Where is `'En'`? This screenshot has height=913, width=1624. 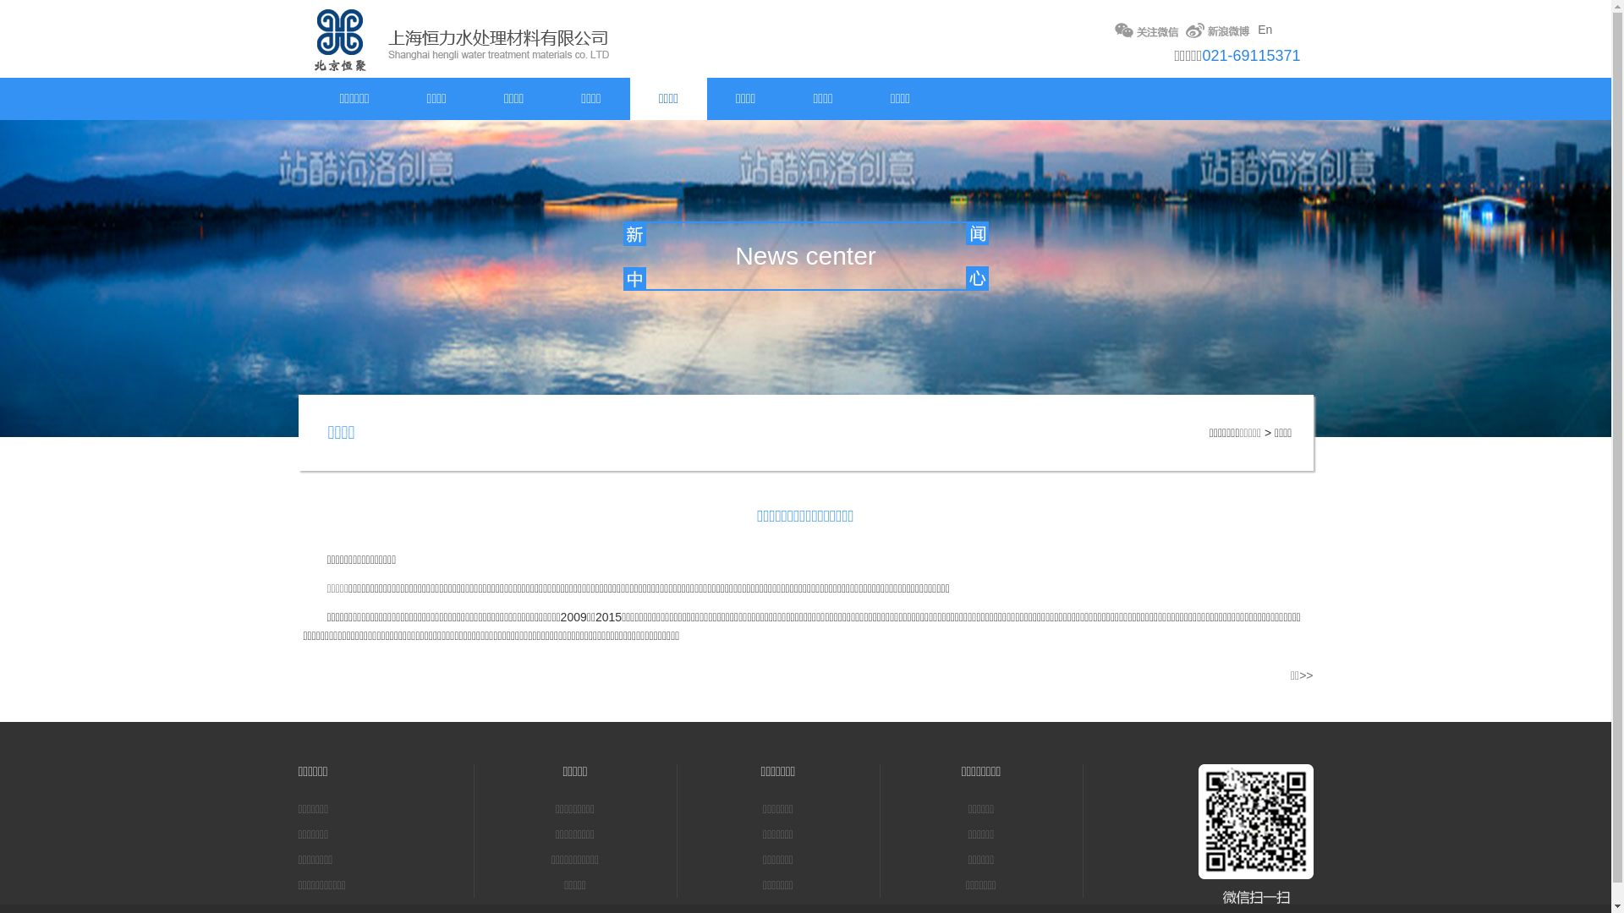 'En' is located at coordinates (1266, 29).